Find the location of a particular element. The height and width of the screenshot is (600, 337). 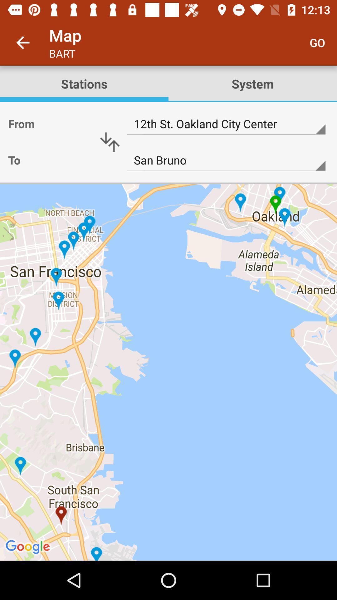

item next to from is located at coordinates (110, 142).